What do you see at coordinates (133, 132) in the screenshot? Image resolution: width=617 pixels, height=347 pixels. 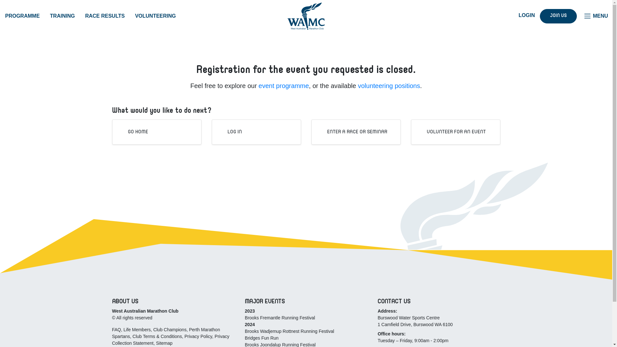 I see `'GO HOME'` at bounding box center [133, 132].